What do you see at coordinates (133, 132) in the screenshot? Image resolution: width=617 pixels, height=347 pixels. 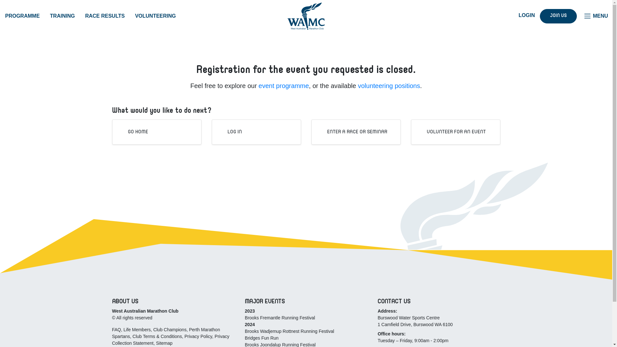 I see `'GO HOME'` at bounding box center [133, 132].